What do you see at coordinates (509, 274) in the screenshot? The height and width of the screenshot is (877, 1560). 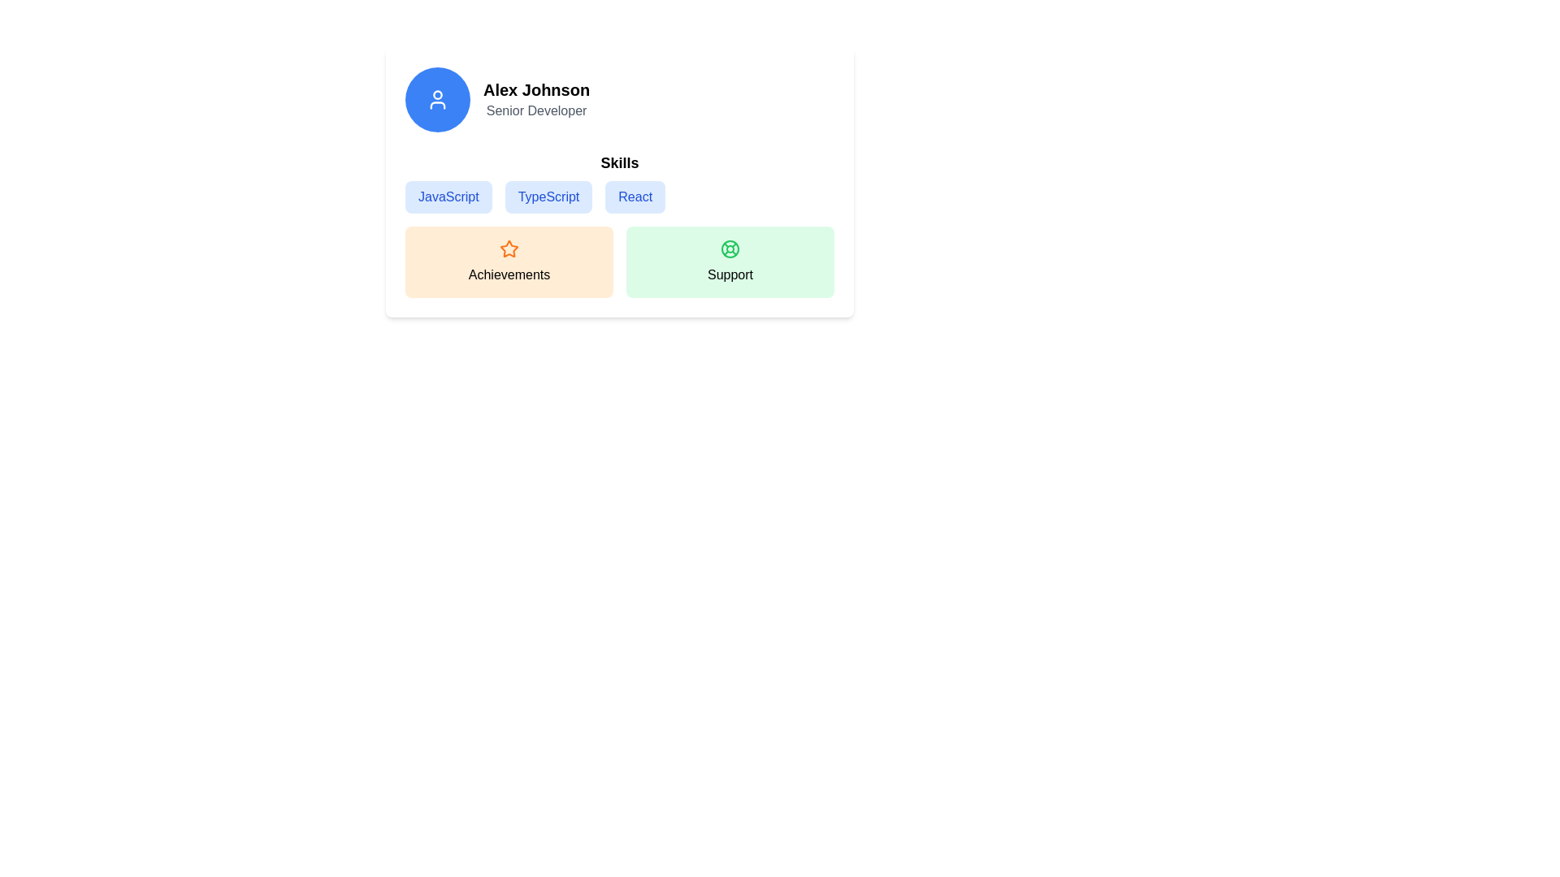 I see `the text label indicating achievements, which is located in the middle section of the light orange panel within the profile card, below a centered star icon` at bounding box center [509, 274].